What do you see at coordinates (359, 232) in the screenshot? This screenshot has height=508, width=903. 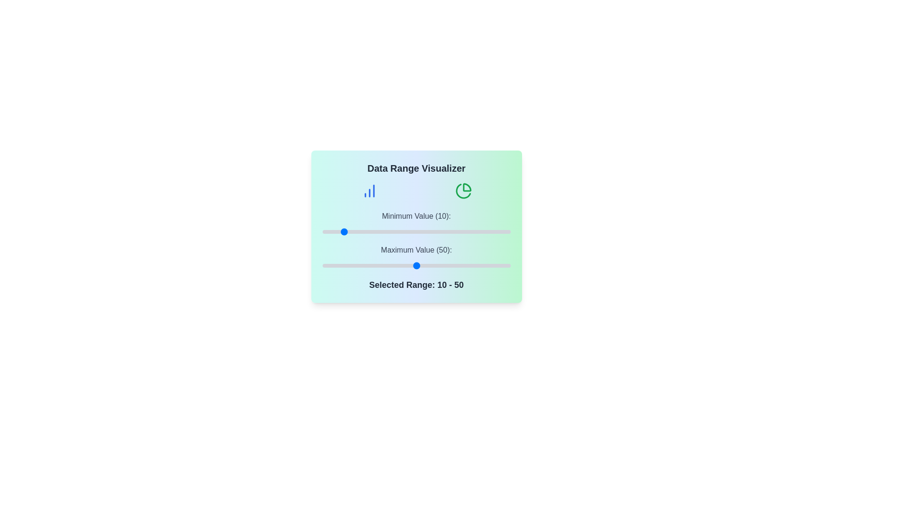 I see `the minimum value slider to 20` at bounding box center [359, 232].